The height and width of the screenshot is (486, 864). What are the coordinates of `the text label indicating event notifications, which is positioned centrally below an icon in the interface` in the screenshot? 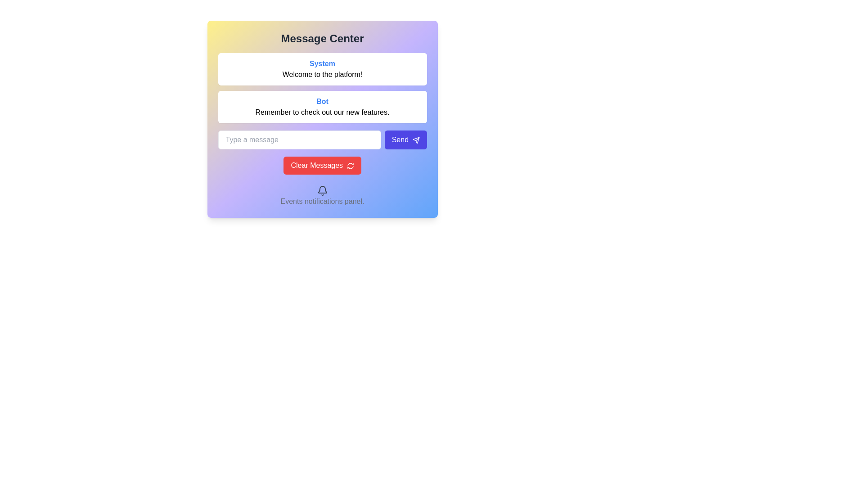 It's located at (322, 201).